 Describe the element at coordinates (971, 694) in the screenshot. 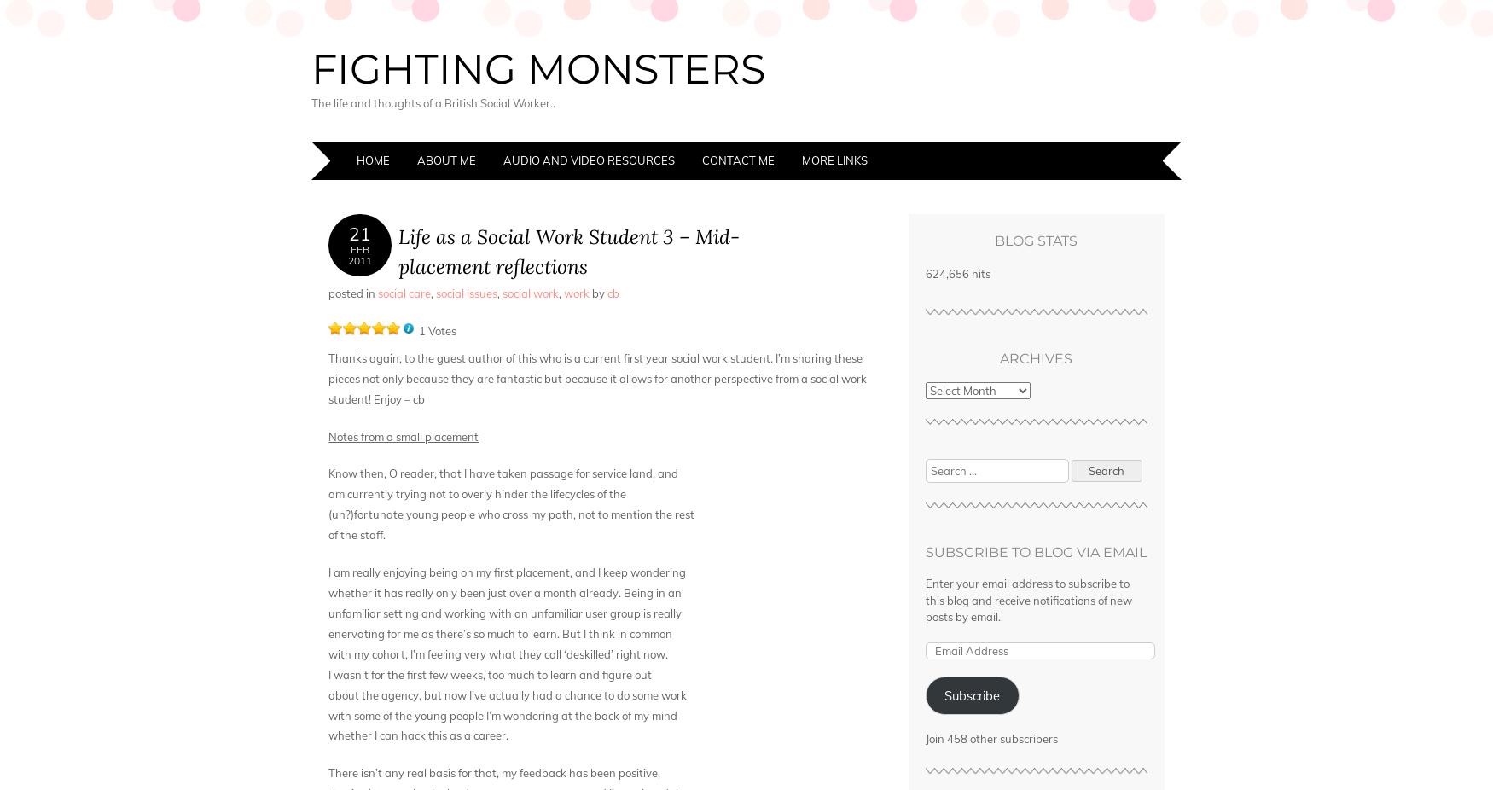

I see `'Subscribe'` at that location.